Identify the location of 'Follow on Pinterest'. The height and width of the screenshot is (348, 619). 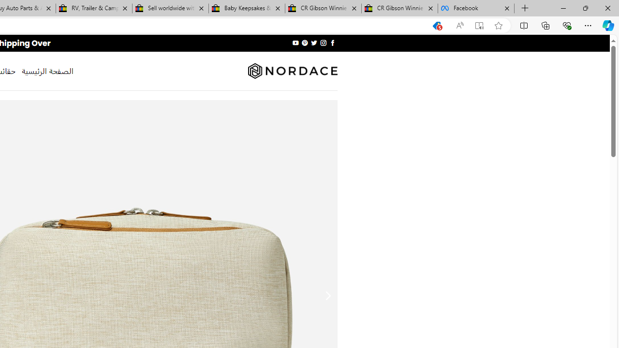
(305, 43).